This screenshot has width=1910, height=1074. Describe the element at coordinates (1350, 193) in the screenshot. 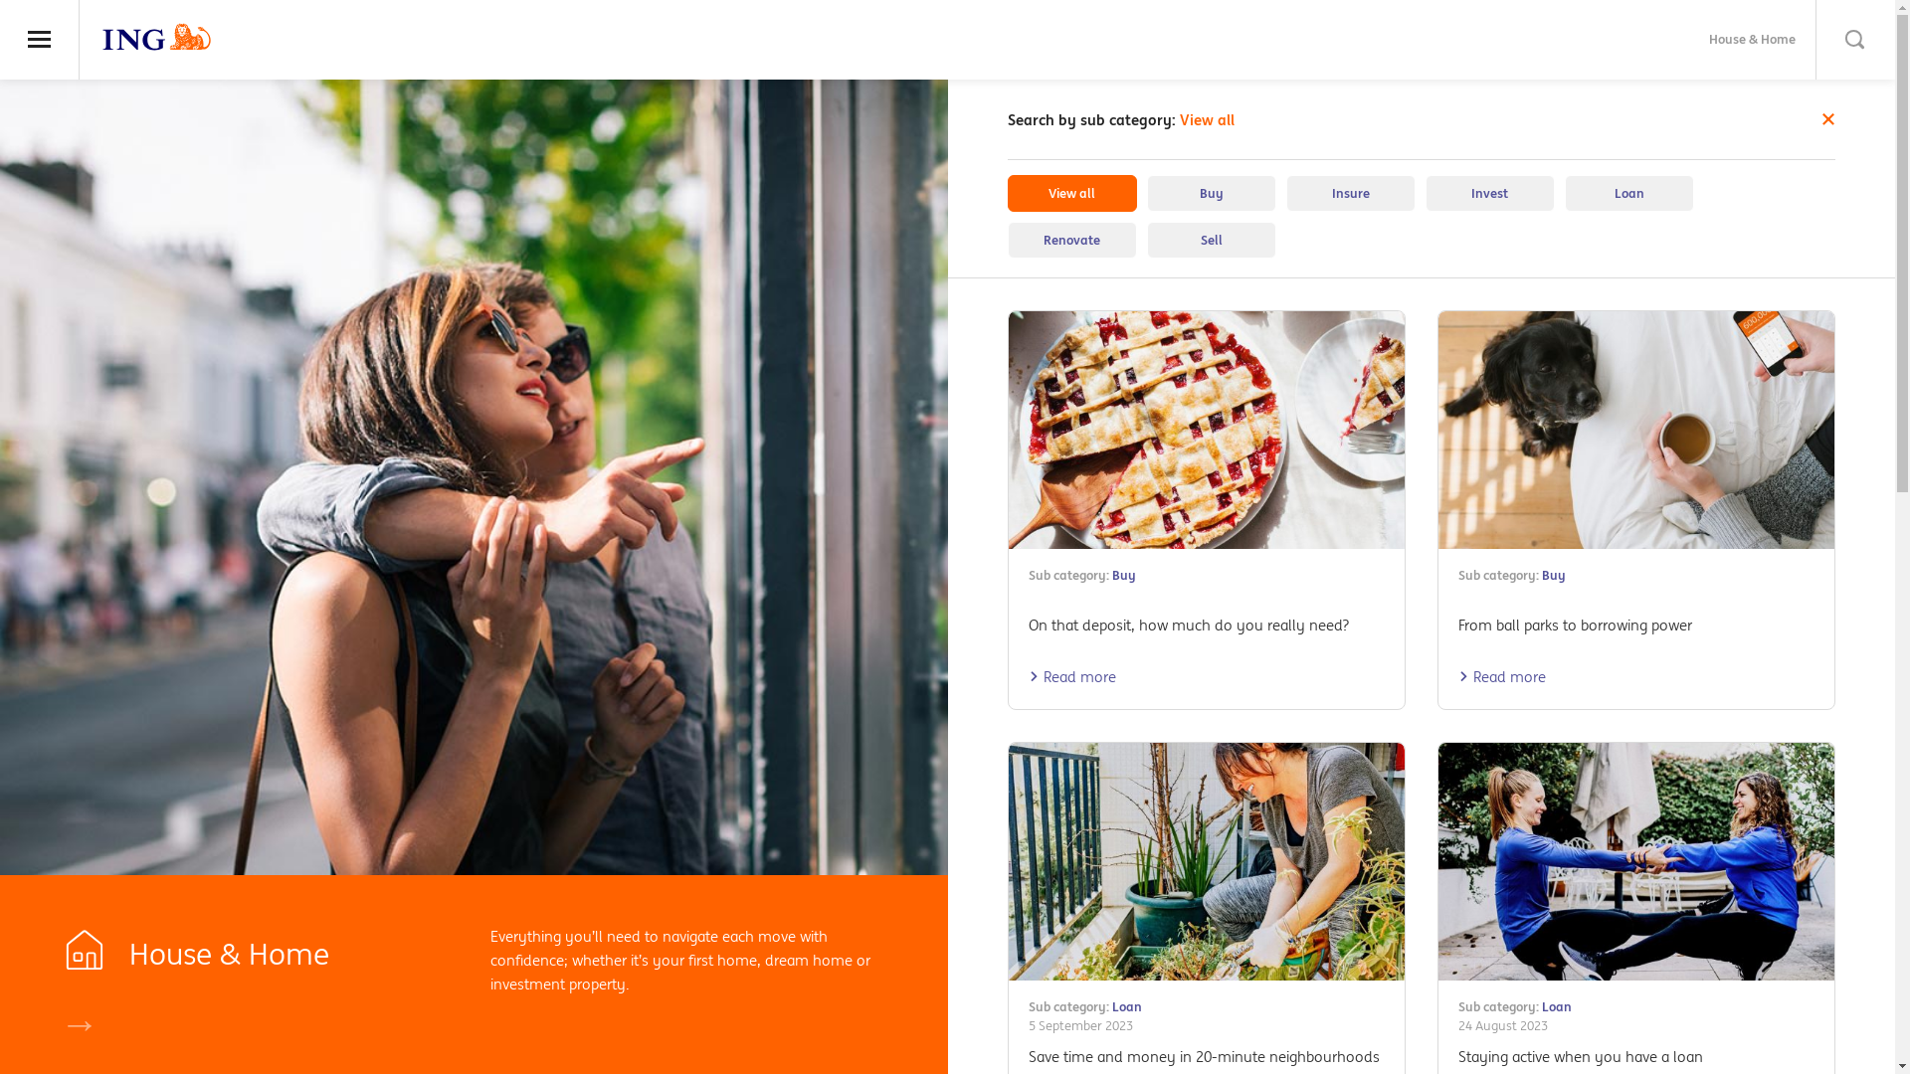

I see `'Insure'` at that location.